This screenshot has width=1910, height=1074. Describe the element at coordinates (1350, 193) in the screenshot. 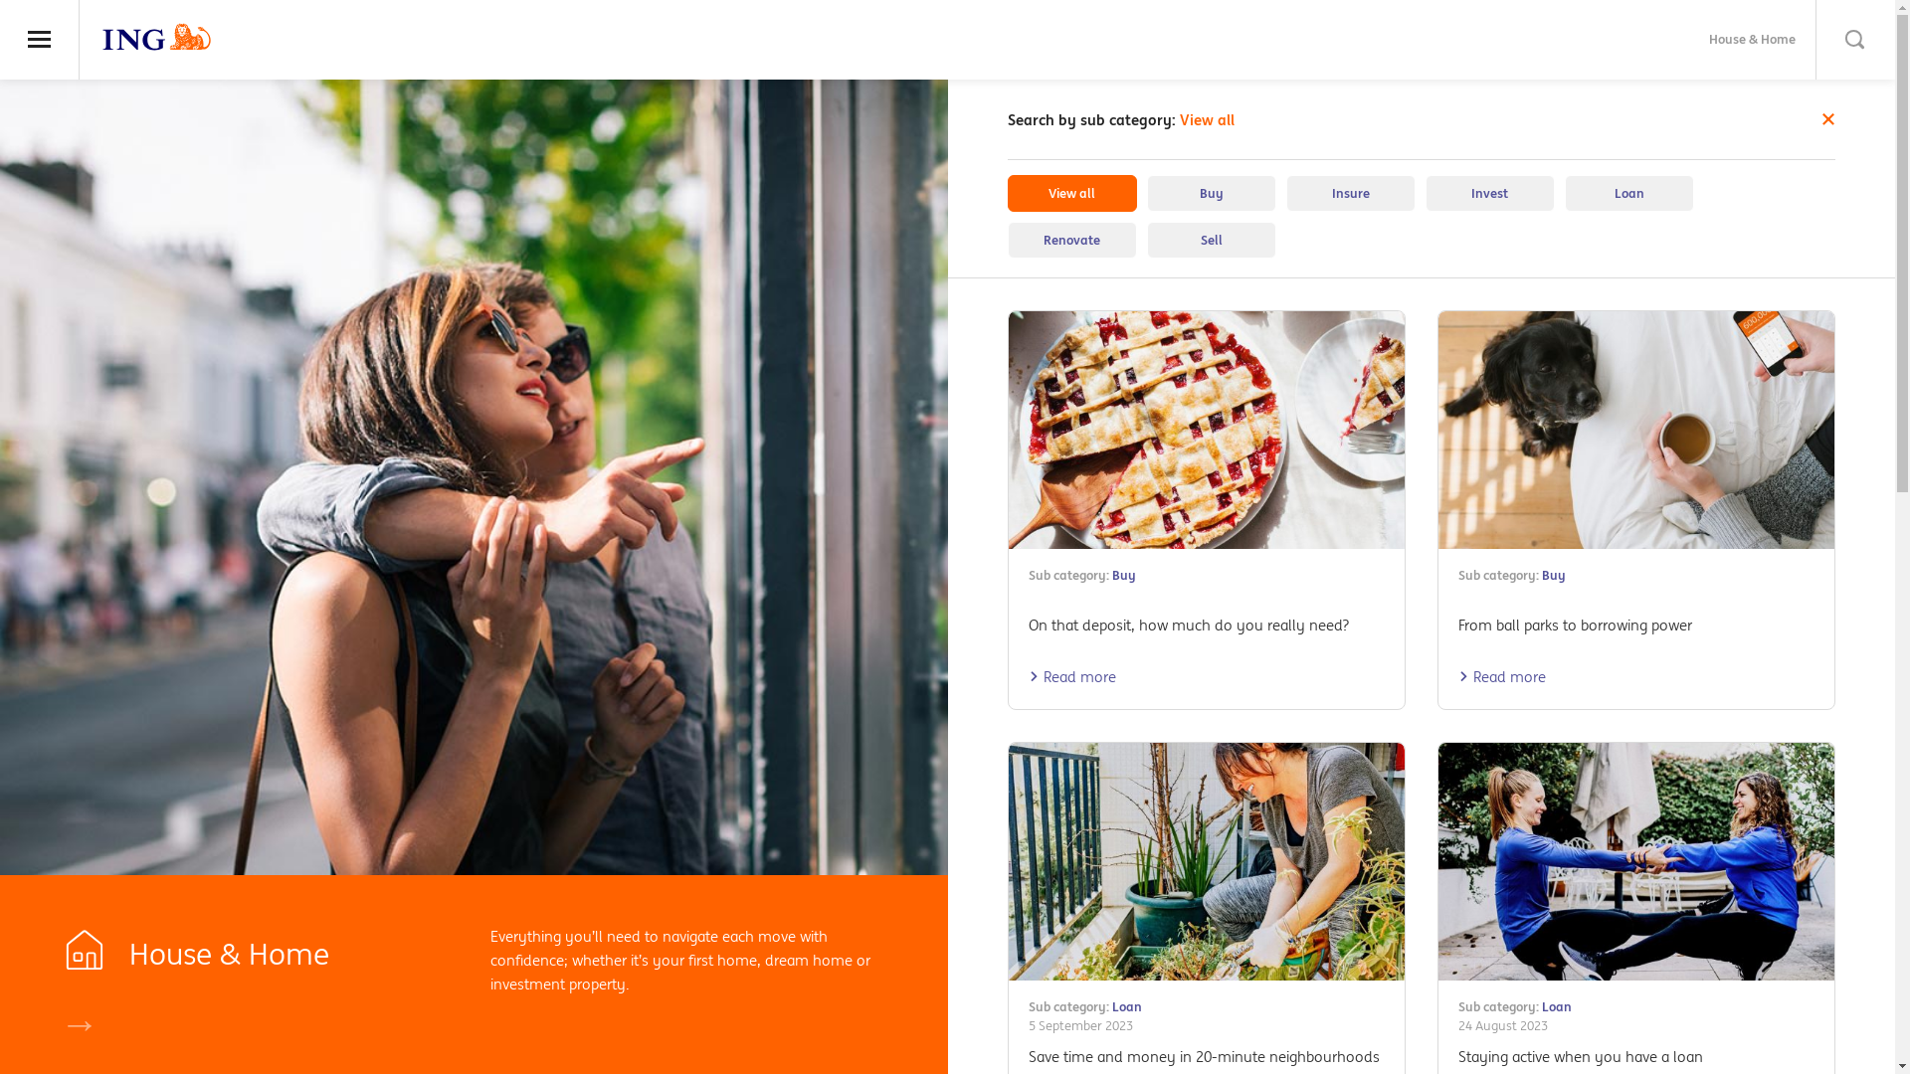

I see `'Insure'` at that location.